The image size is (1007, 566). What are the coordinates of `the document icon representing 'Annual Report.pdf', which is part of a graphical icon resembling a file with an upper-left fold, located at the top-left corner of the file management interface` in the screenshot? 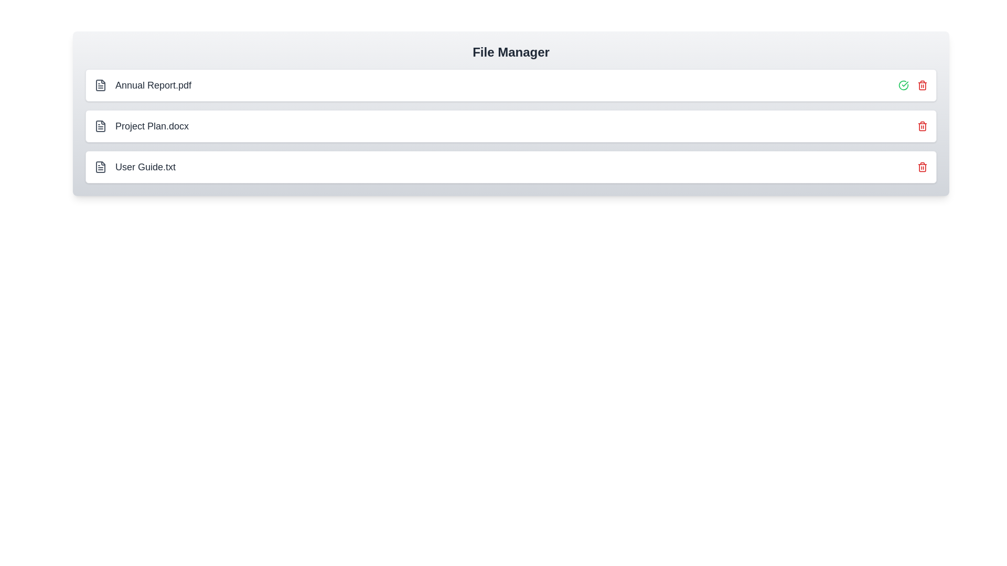 It's located at (101, 84).